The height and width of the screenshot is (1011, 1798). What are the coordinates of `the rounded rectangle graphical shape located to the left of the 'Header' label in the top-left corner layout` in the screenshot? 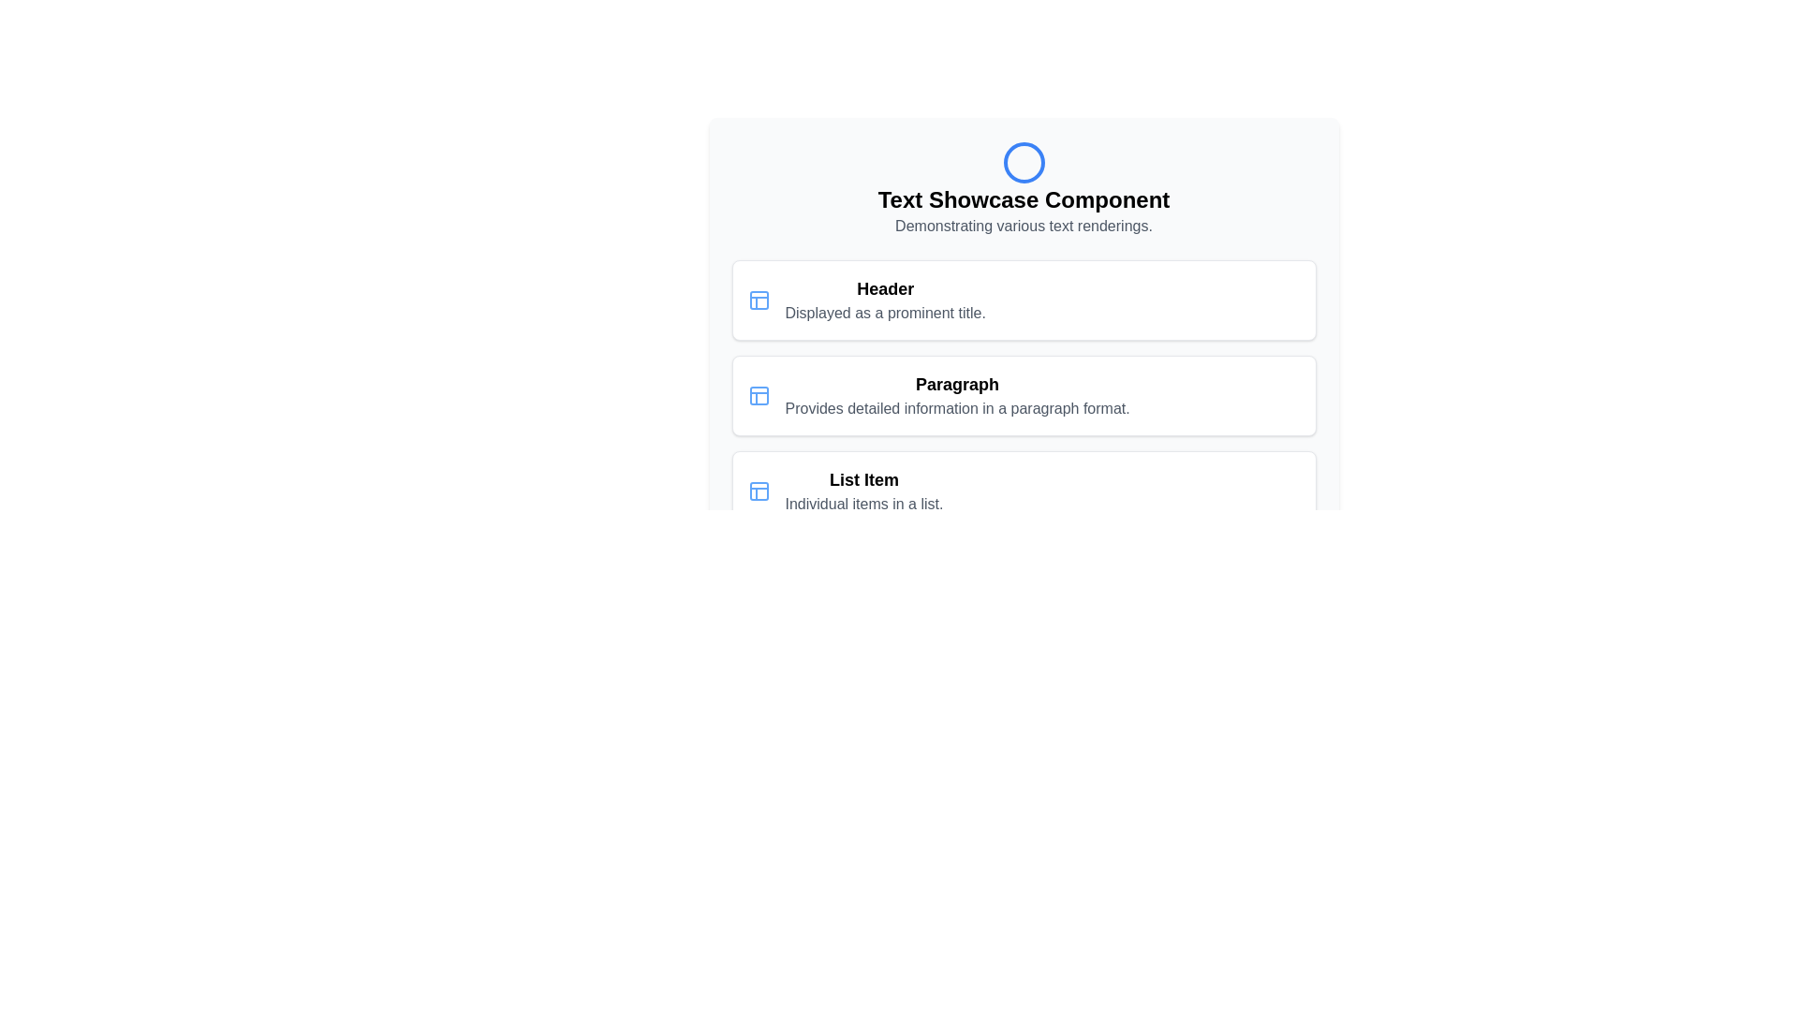 It's located at (759, 299).